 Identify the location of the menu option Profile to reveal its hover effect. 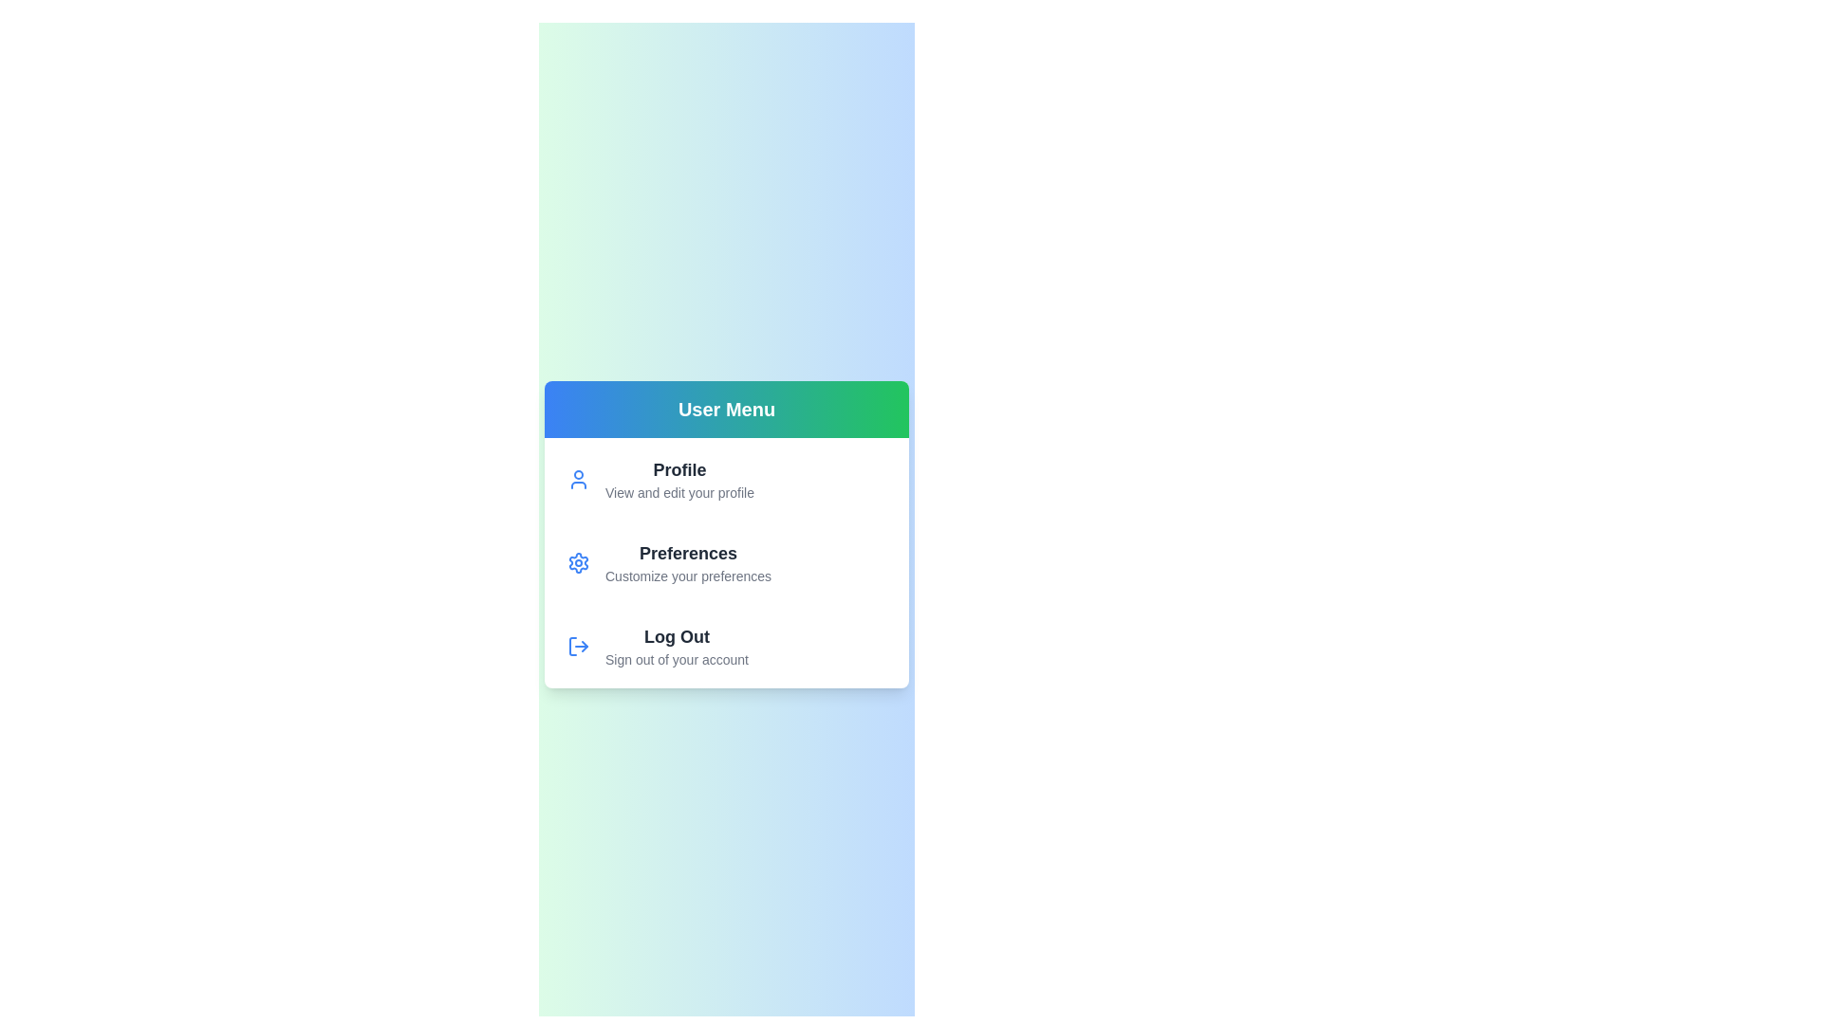
(679, 478).